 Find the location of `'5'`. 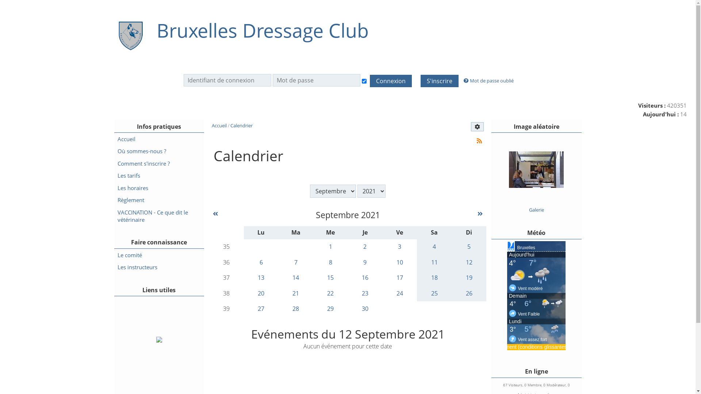

'5' is located at coordinates (469, 247).